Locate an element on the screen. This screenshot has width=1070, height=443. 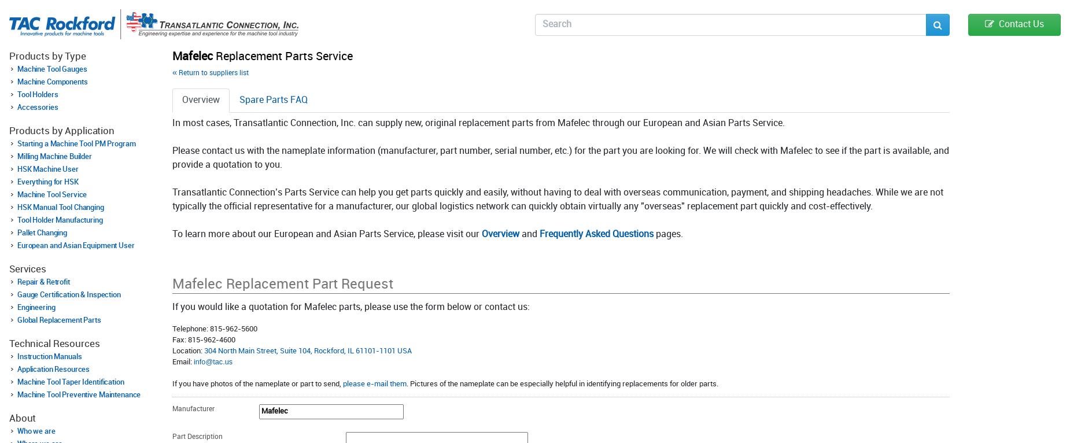
'In most cases, Transatlantic Connection, Inc. can supply new, 
		  original replacement parts from Mafelec through our European and Asian Parts Service.' is located at coordinates (478, 123).